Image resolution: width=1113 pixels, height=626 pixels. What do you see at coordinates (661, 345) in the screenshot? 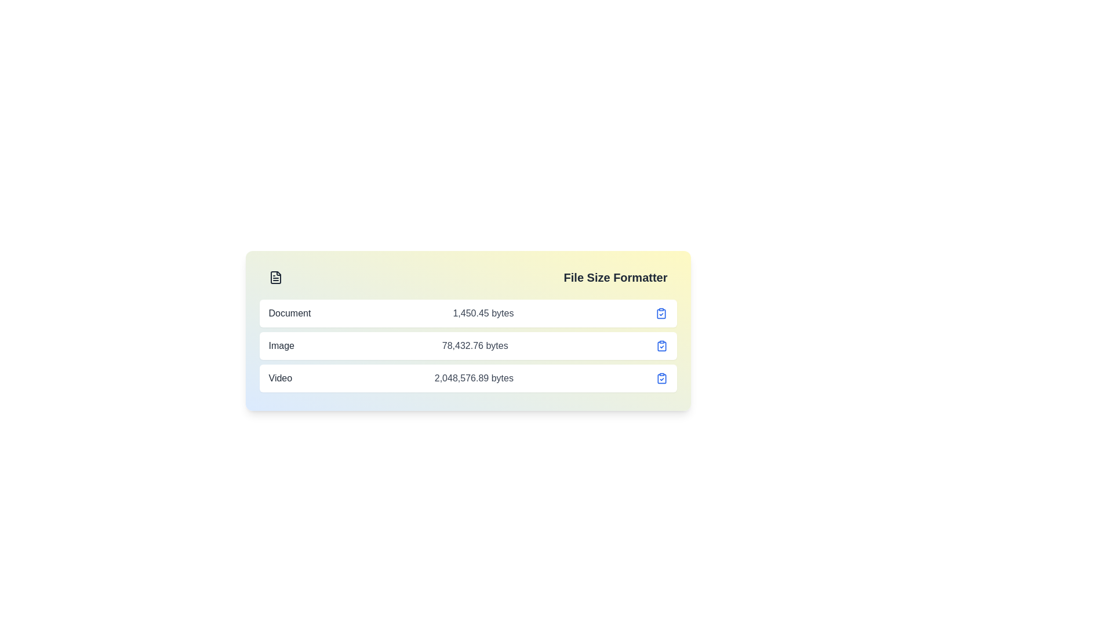
I see `the clipboard icon button located in the top row next to the 'Image' label` at bounding box center [661, 345].